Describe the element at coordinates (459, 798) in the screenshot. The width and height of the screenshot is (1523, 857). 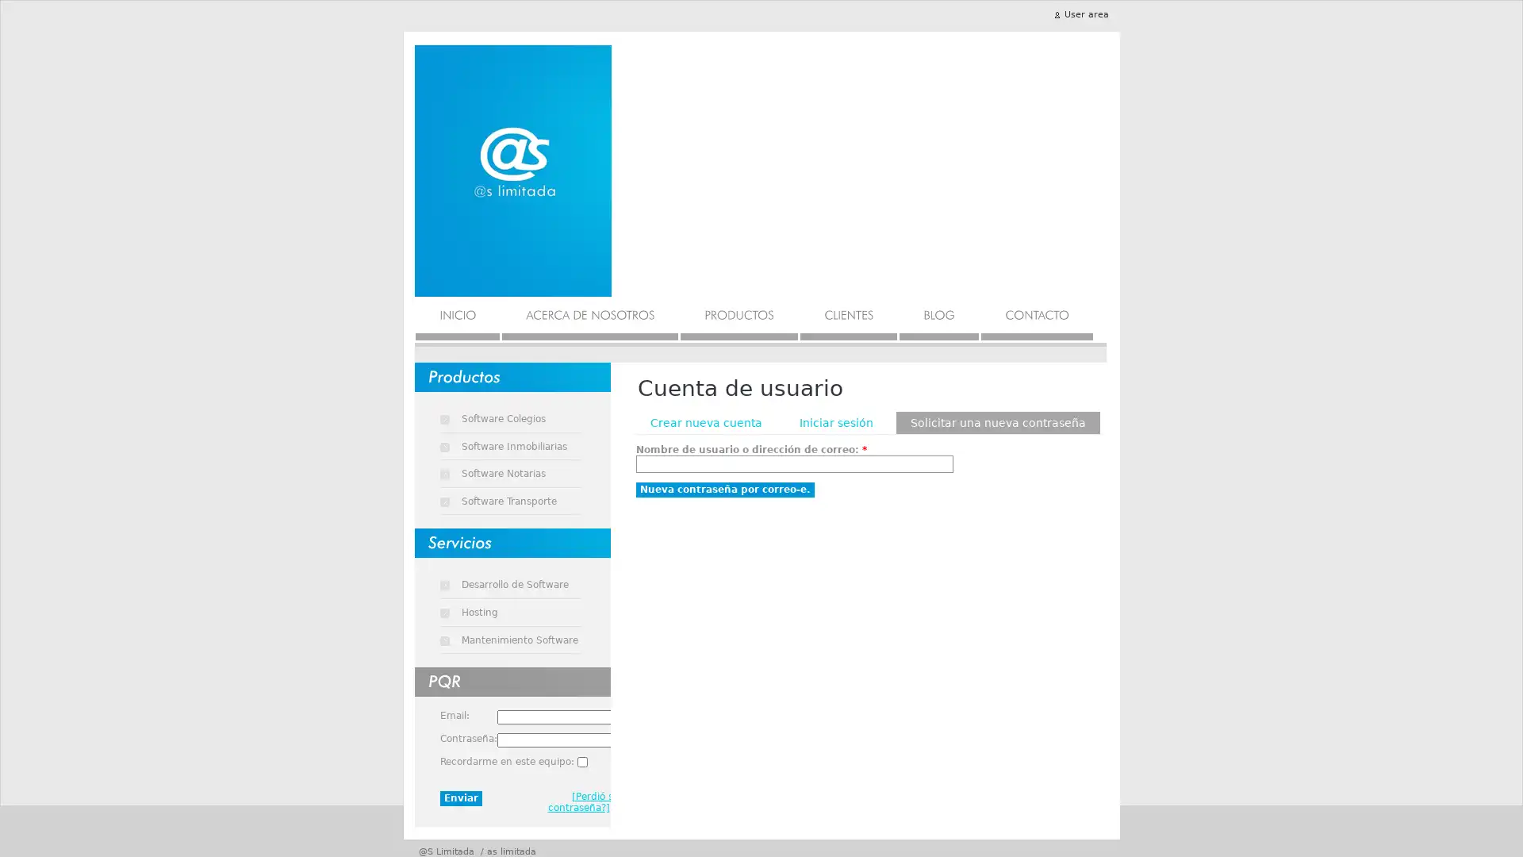
I see `Enviar` at that location.